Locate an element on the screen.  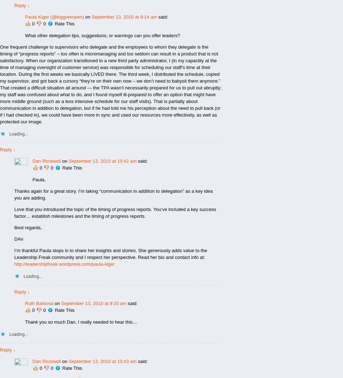
'Thank you so much Dan, I really needed to hear this…' is located at coordinates (81, 321).